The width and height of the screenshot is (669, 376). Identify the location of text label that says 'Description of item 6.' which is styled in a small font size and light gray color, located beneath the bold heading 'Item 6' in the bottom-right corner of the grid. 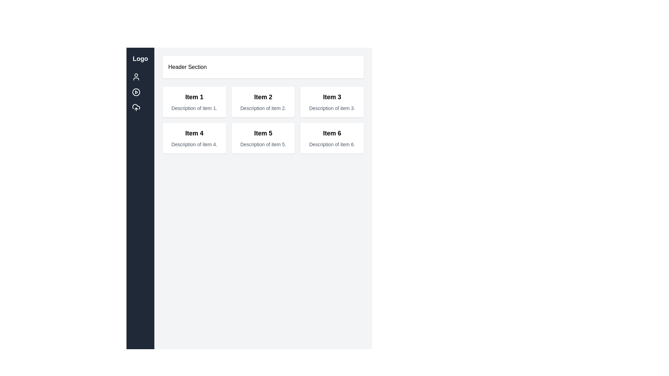
(332, 144).